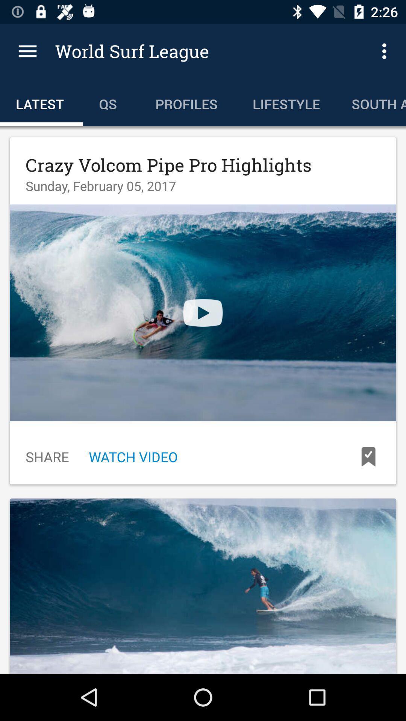  What do you see at coordinates (386, 51) in the screenshot?
I see `the three dotted icon` at bounding box center [386, 51].